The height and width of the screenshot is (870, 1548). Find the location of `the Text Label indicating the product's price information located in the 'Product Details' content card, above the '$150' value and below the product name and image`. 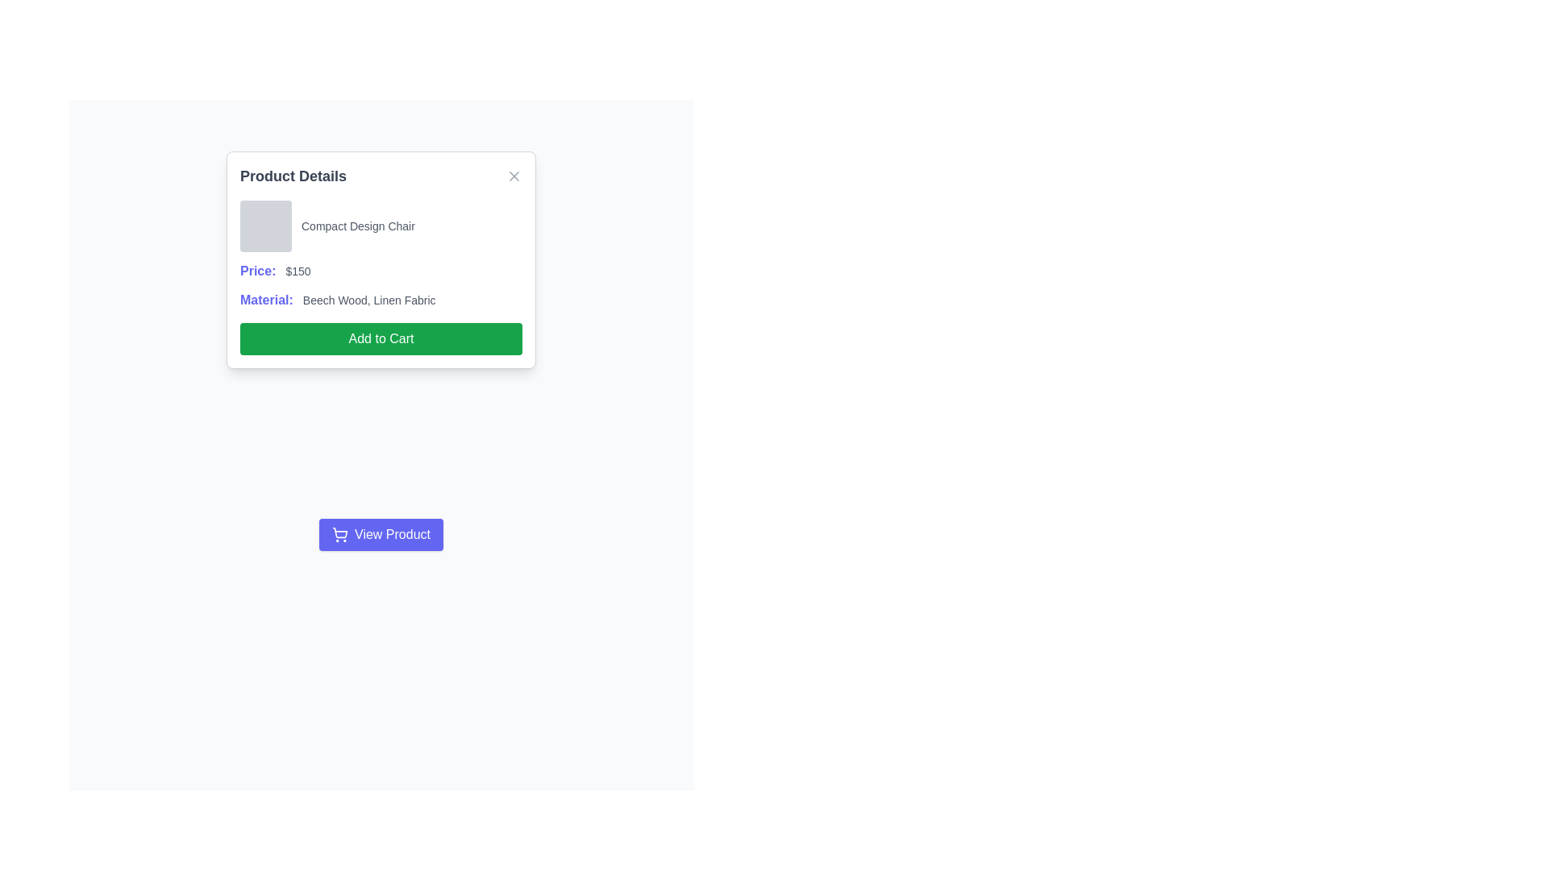

the Text Label indicating the product's price information located in the 'Product Details' content card, above the '$150' value and below the product name and image is located at coordinates (258, 270).